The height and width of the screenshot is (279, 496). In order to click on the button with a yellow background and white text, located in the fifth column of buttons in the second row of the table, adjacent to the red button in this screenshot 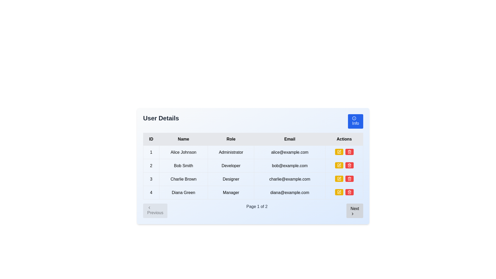, I will do `click(344, 166)`.